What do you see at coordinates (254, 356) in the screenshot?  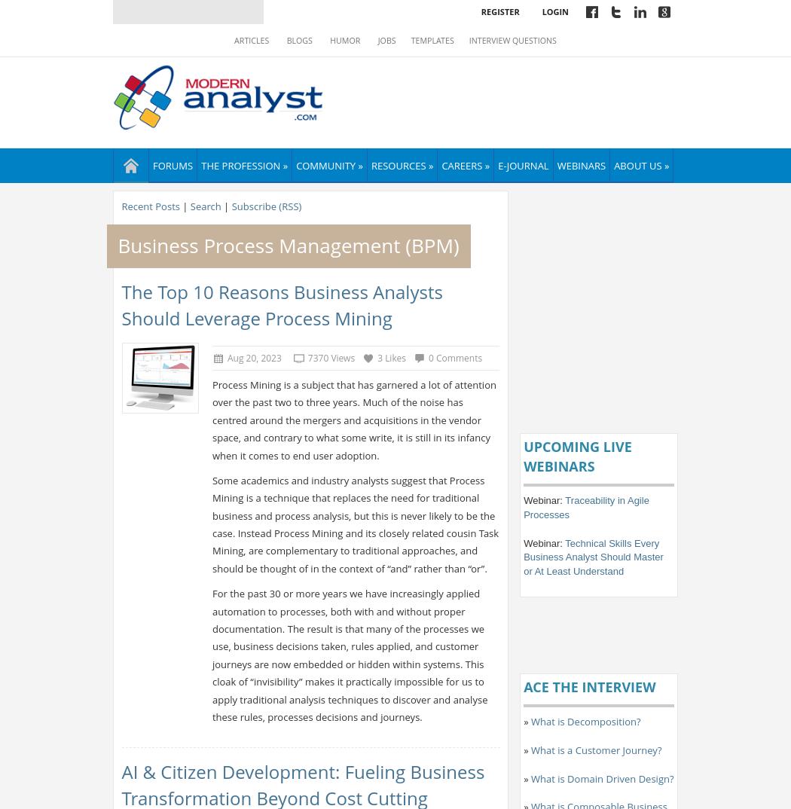 I see `'Aug 20, 2023'` at bounding box center [254, 356].